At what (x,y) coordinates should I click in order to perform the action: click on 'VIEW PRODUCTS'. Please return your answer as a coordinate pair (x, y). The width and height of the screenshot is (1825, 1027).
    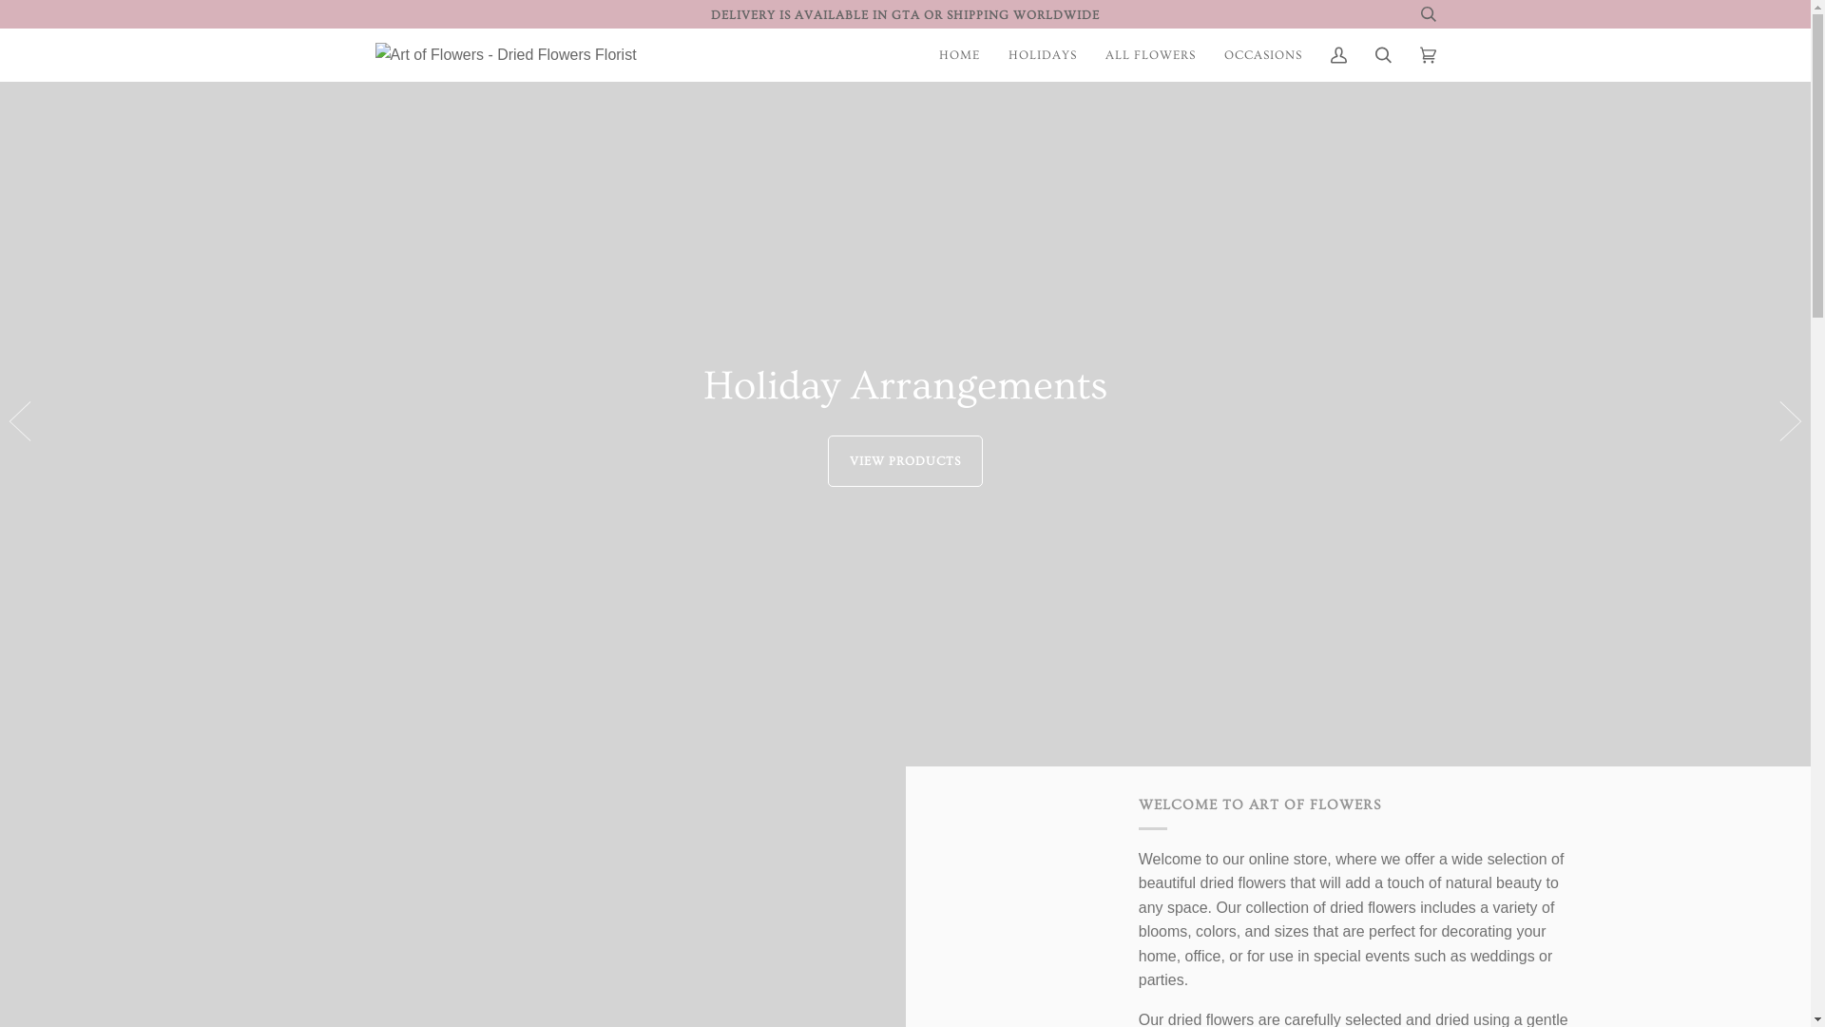
    Looking at the image, I should click on (827, 460).